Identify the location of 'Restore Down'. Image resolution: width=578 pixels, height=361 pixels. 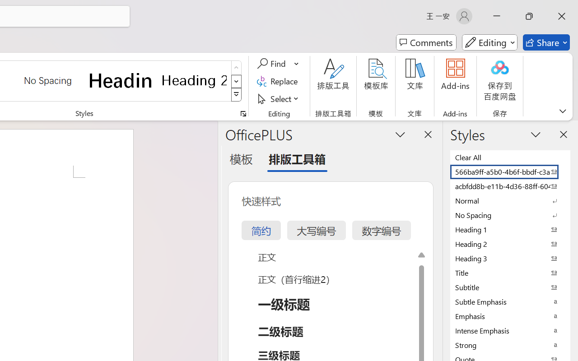
(529, 16).